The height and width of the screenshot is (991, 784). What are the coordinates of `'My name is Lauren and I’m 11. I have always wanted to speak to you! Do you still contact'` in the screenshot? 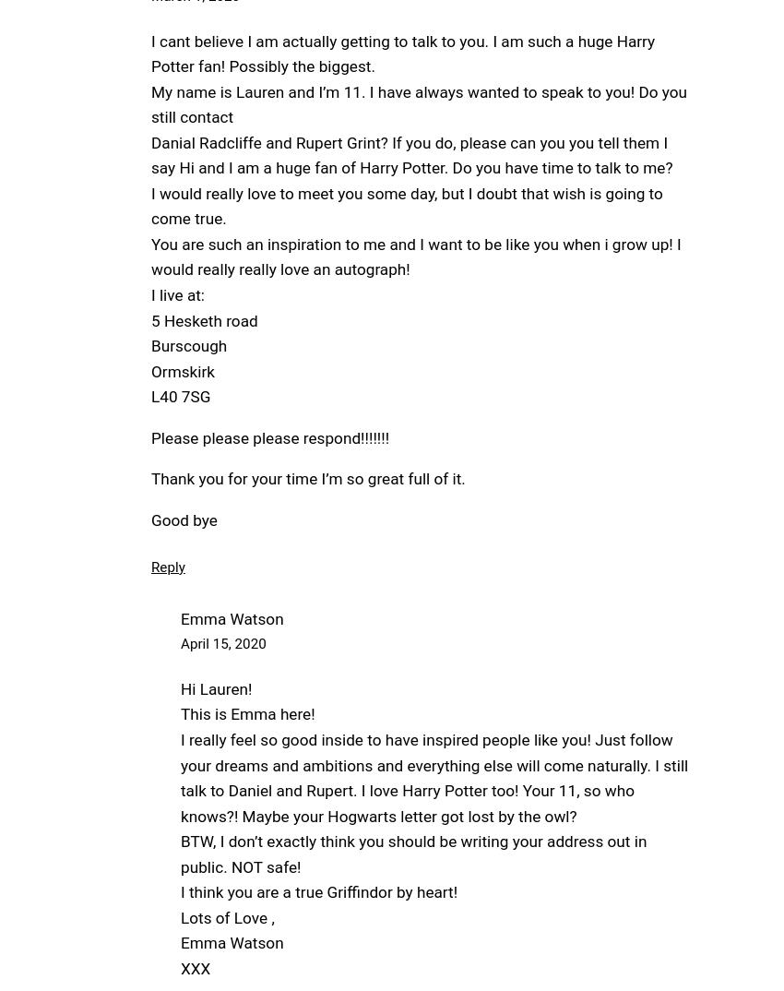 It's located at (418, 102).